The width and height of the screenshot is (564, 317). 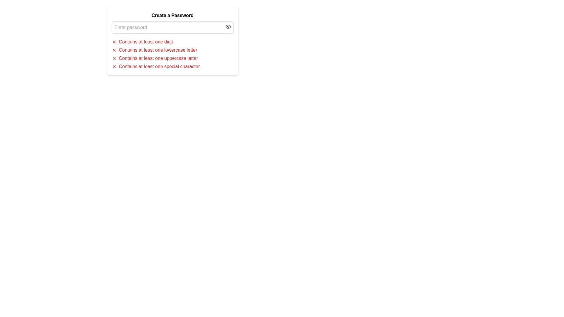 I want to click on the text label reading 'Contains at least one uppercase letter' in red font, which is the third item in the list of guidelines in the 'Create a Password' section, so click(x=158, y=58).